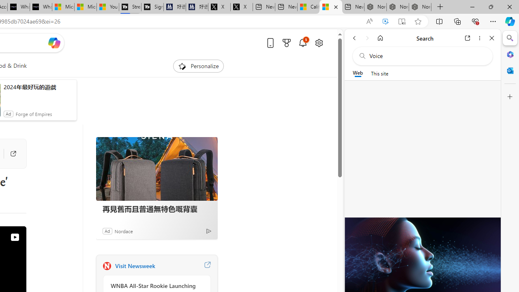  I want to click on 'To get missing image descriptions, open the context menu.', so click(182, 65).